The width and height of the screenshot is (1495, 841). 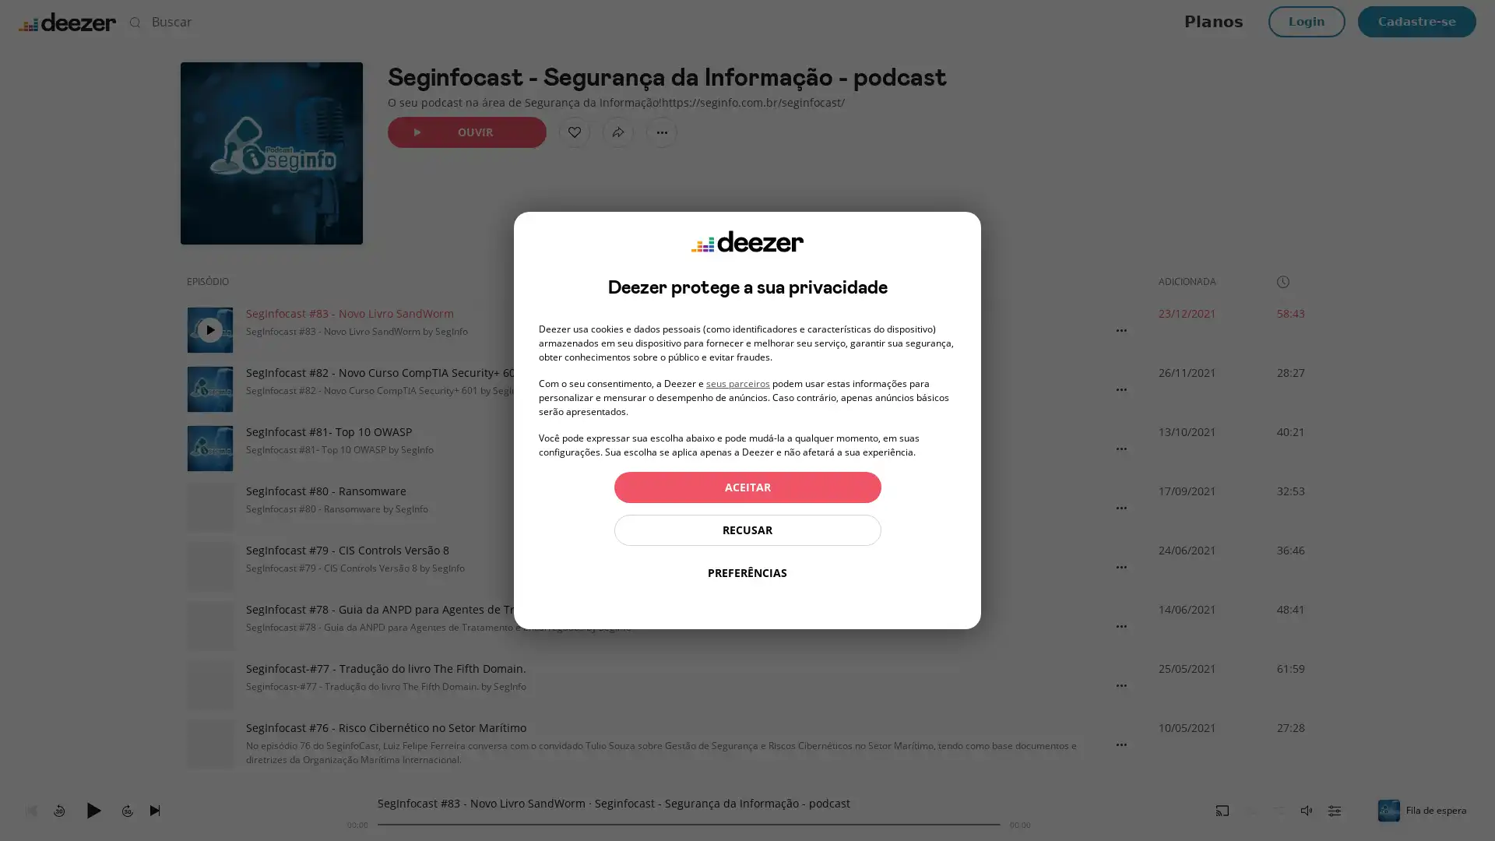 I want to click on Chromecast, so click(x=1221, y=809).